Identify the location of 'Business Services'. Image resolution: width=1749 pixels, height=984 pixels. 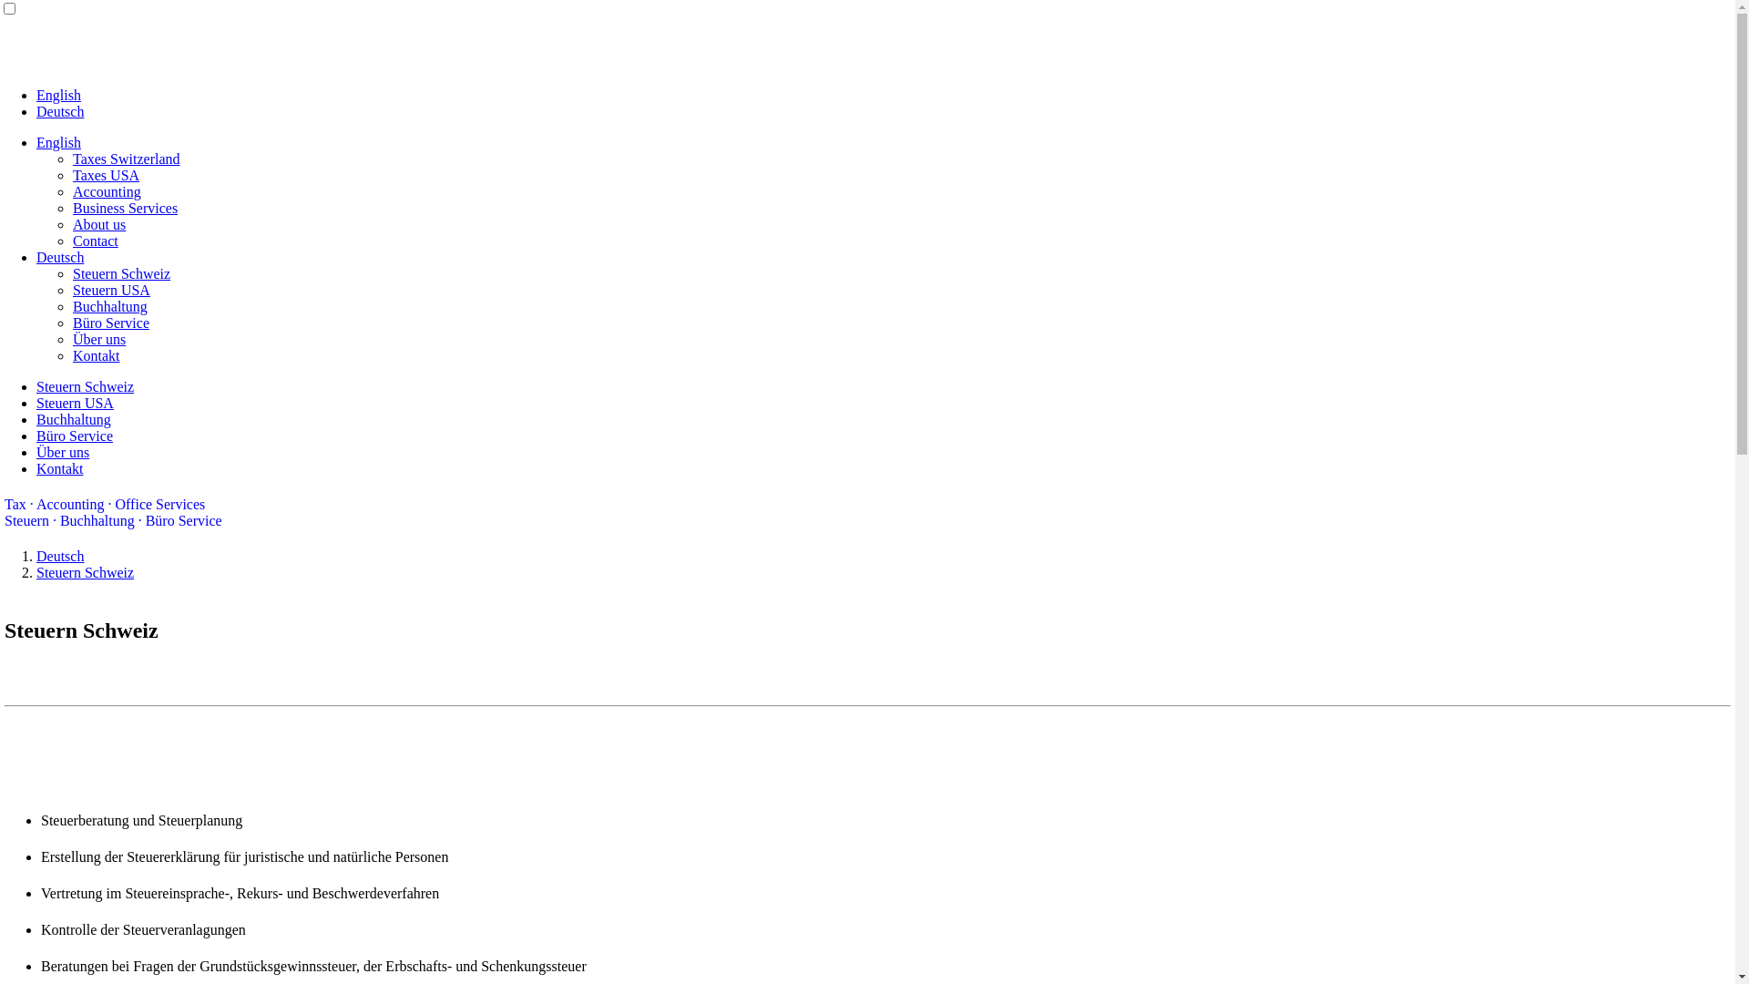
(124, 207).